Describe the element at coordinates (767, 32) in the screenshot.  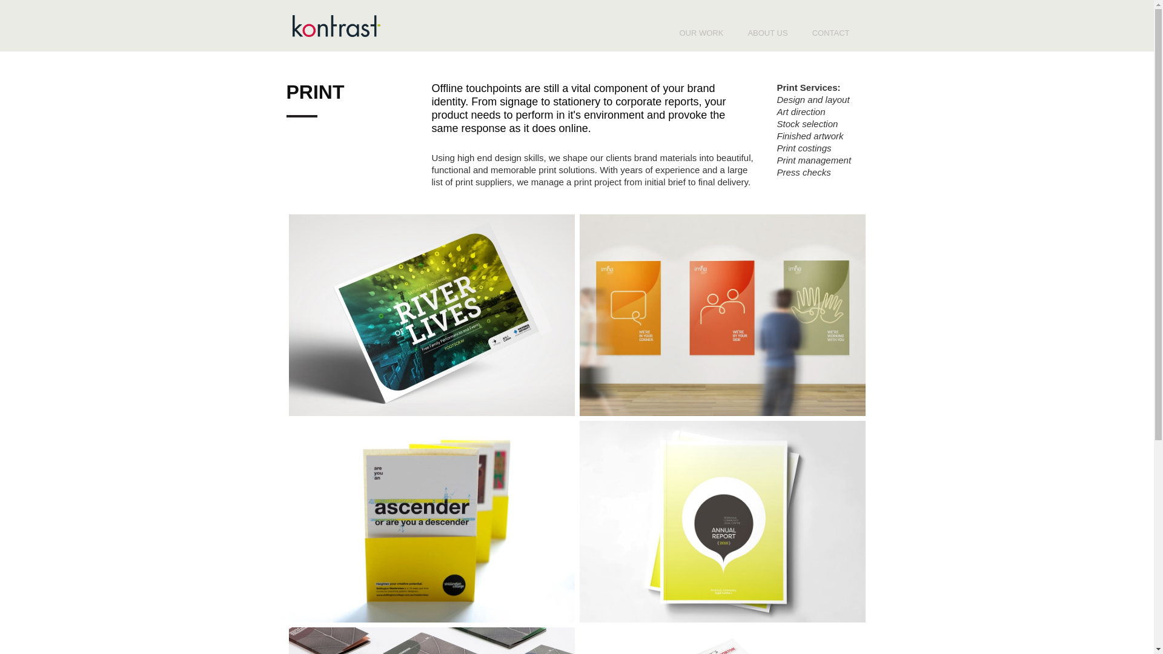
I see `'ABOUT US'` at that location.